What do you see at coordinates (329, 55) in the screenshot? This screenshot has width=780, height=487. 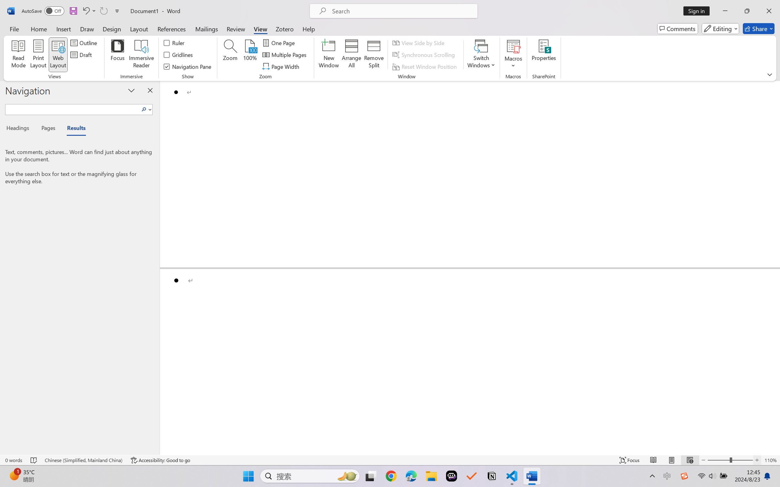 I see `'New Window'` at bounding box center [329, 55].